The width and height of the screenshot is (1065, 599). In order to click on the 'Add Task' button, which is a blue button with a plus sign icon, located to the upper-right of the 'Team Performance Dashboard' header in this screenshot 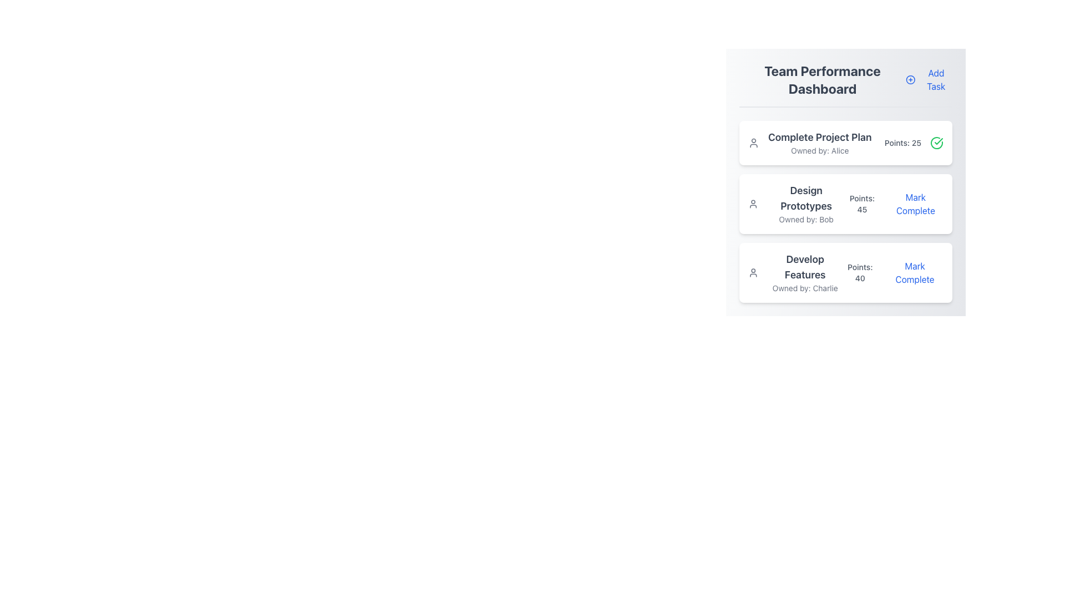, I will do `click(929, 79)`.